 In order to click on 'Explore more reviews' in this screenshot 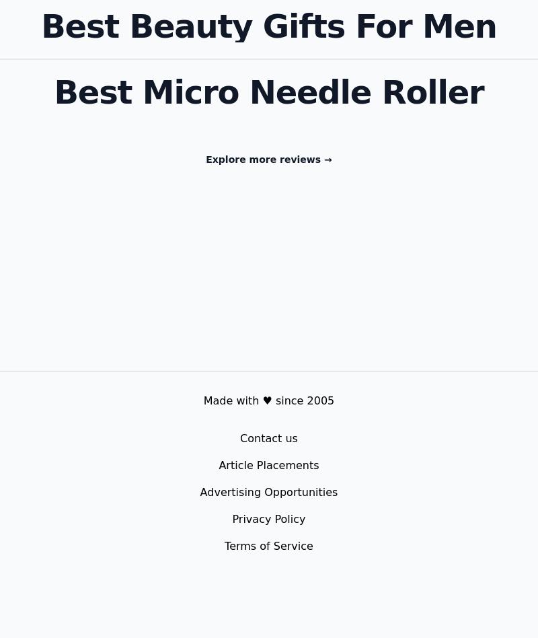, I will do `click(264, 157)`.